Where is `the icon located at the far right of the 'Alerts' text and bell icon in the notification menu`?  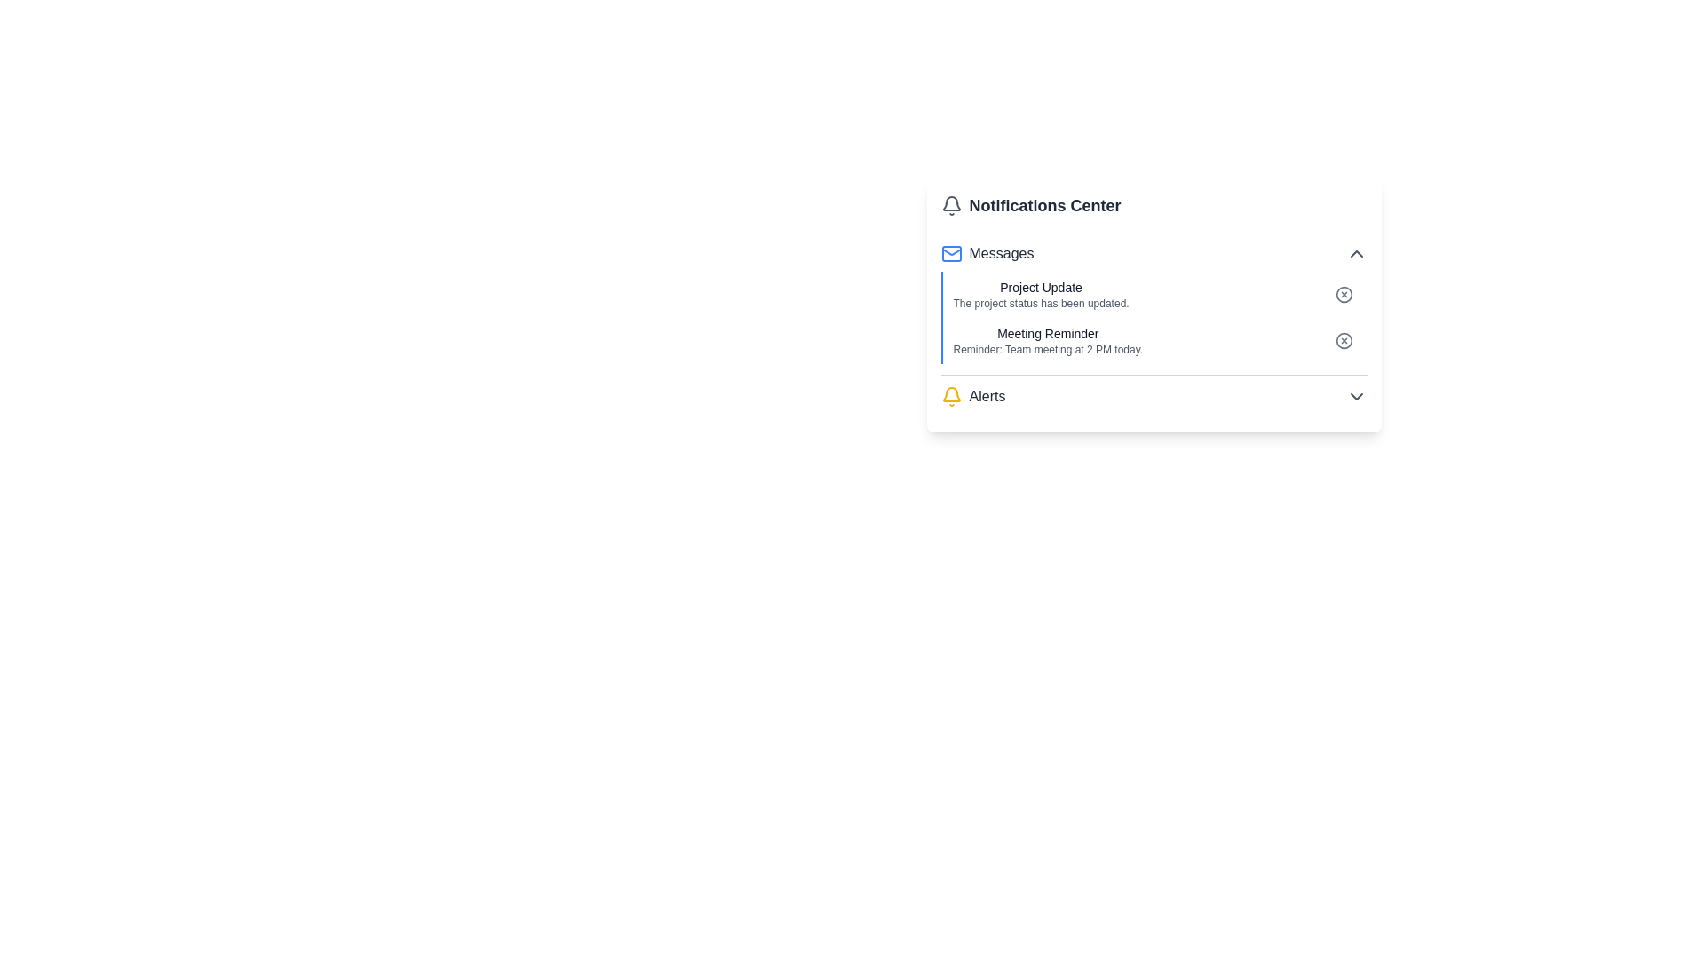 the icon located at the far right of the 'Alerts' text and bell icon in the notification menu is located at coordinates (1355, 396).